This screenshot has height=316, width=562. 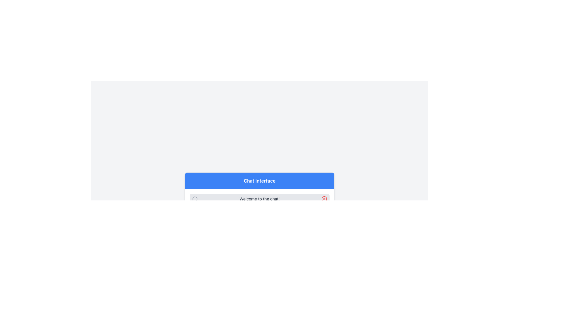 I want to click on the static text label located in the center-left region of the chat interface, which greets or informs users about the context of the chat, so click(x=259, y=198).